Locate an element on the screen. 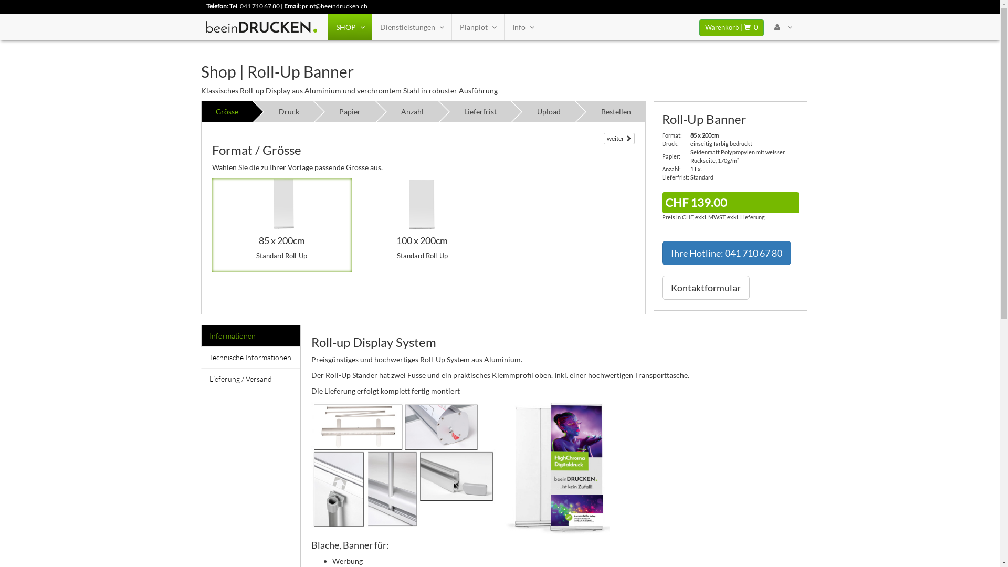 The image size is (1008, 567). 'Info' is located at coordinates (522, 26).